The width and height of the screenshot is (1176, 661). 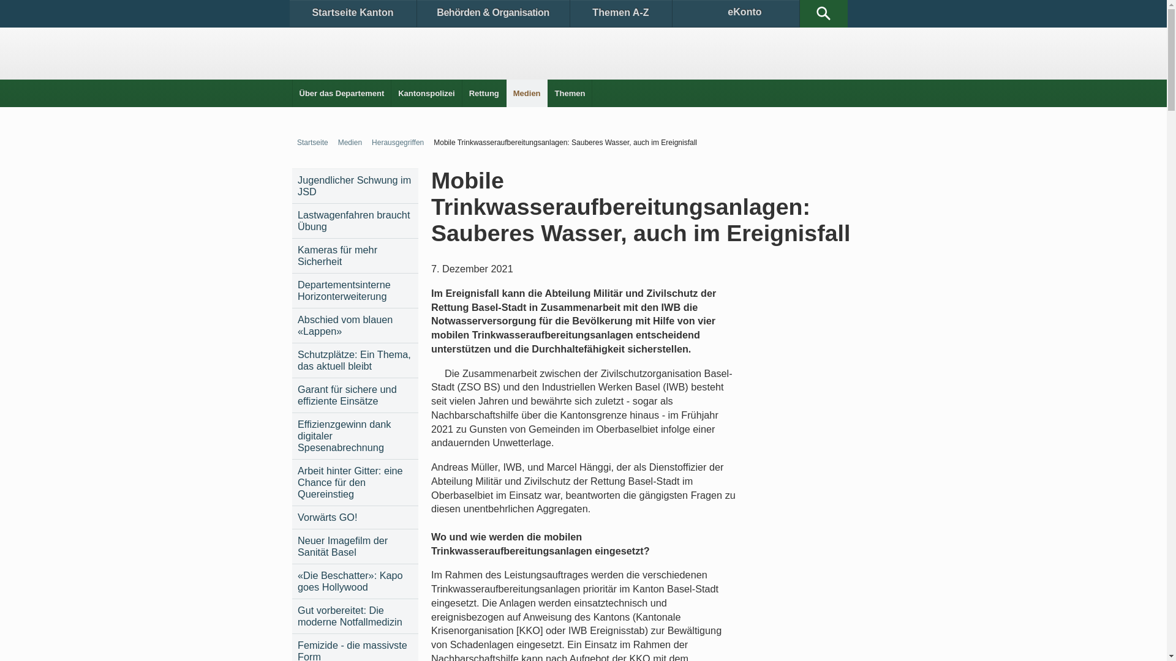 What do you see at coordinates (735, 13) in the screenshot?
I see `'eKonto'` at bounding box center [735, 13].